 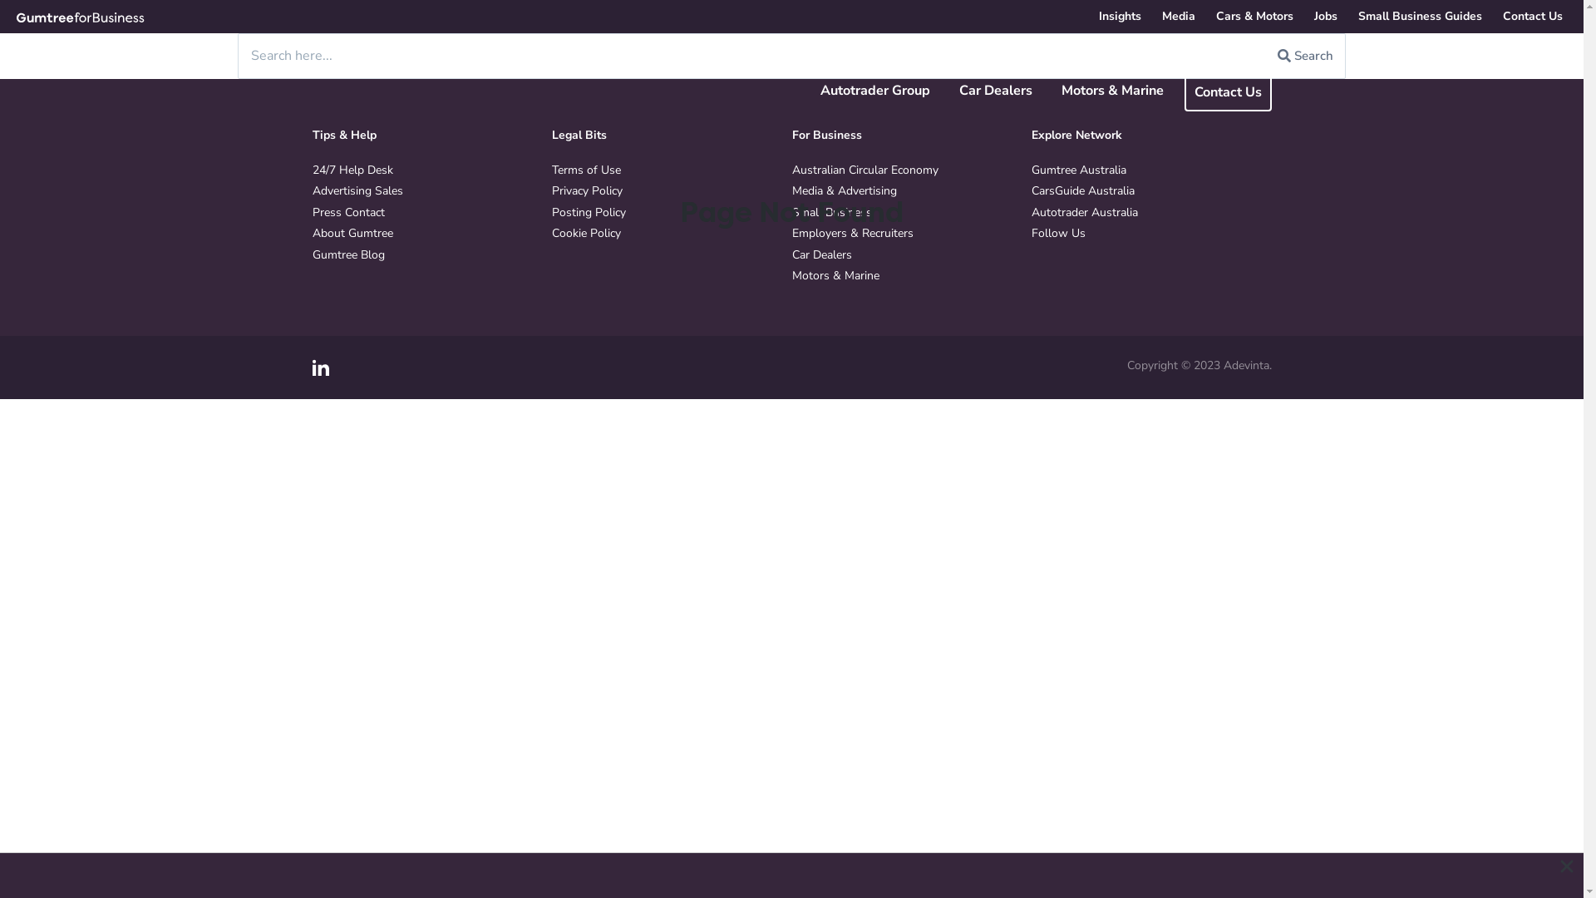 I want to click on 'Australian Circular Economy', so click(x=864, y=170).